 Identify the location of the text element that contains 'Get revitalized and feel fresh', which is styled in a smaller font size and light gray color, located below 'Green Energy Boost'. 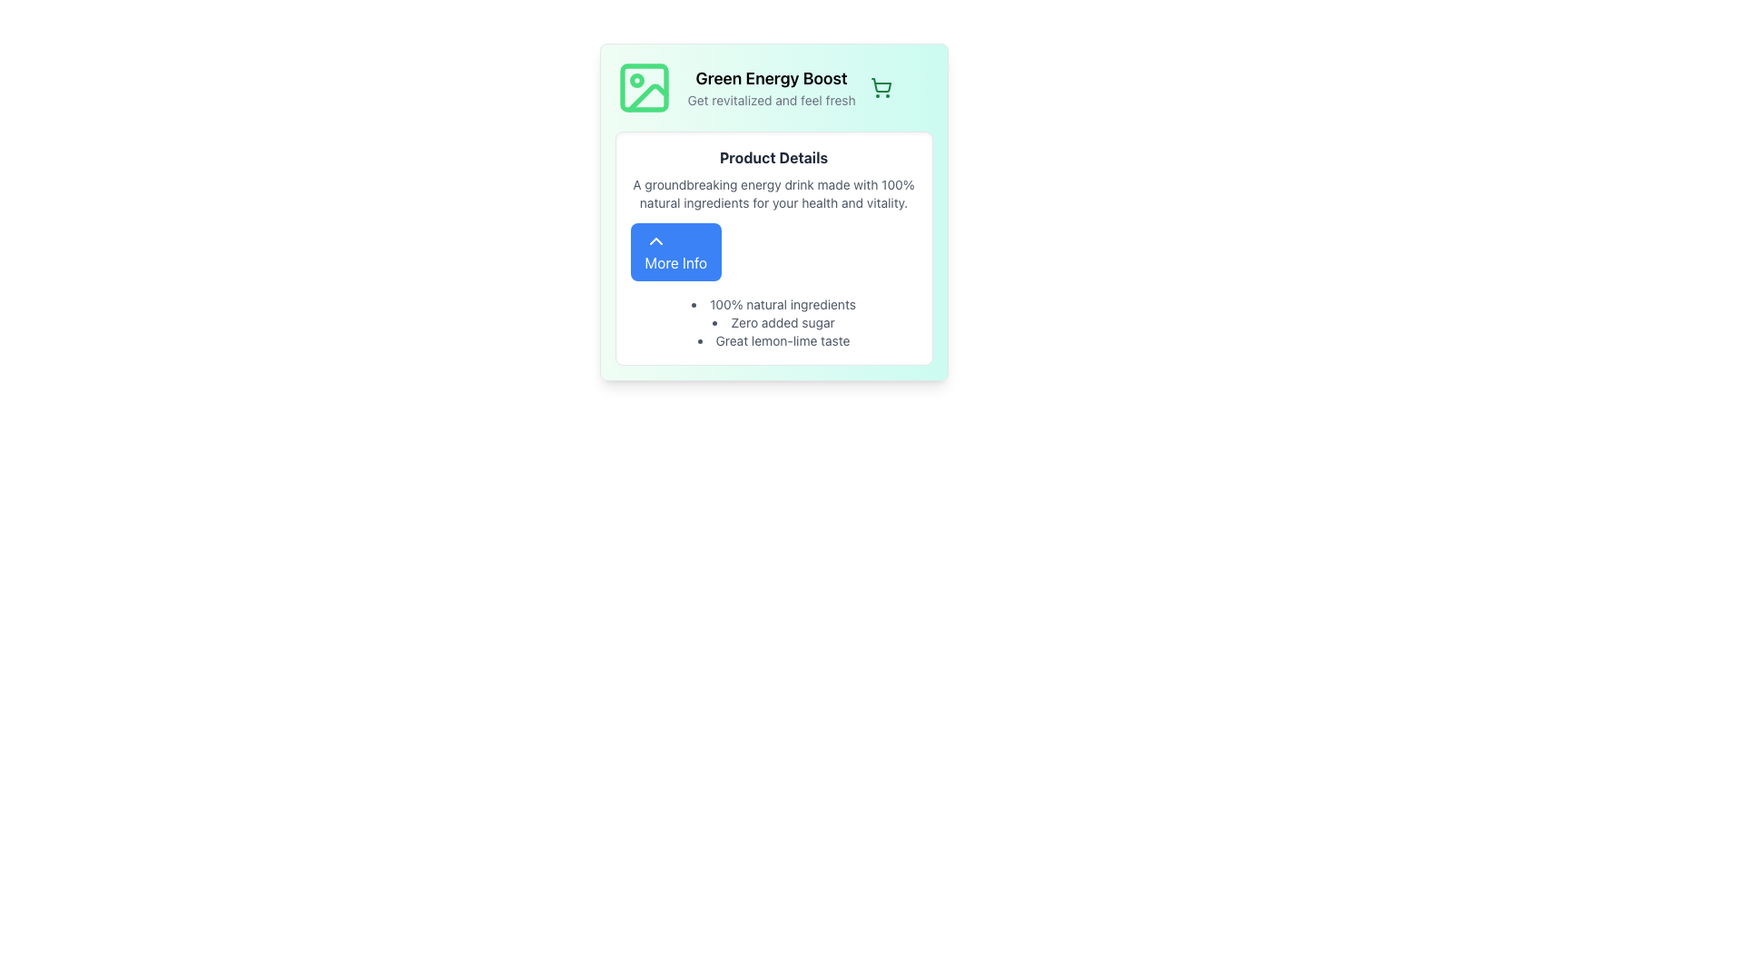
(771, 101).